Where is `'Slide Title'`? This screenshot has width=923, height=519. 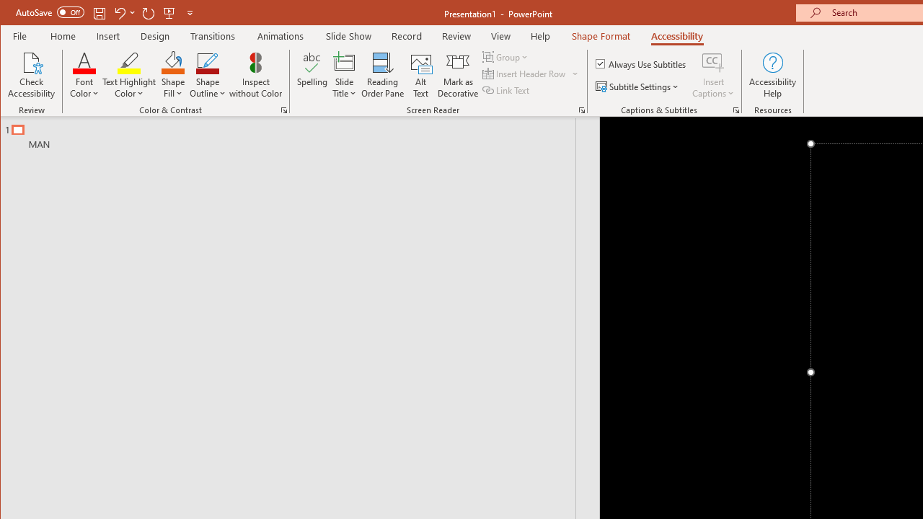 'Slide Title' is located at coordinates (344, 61).